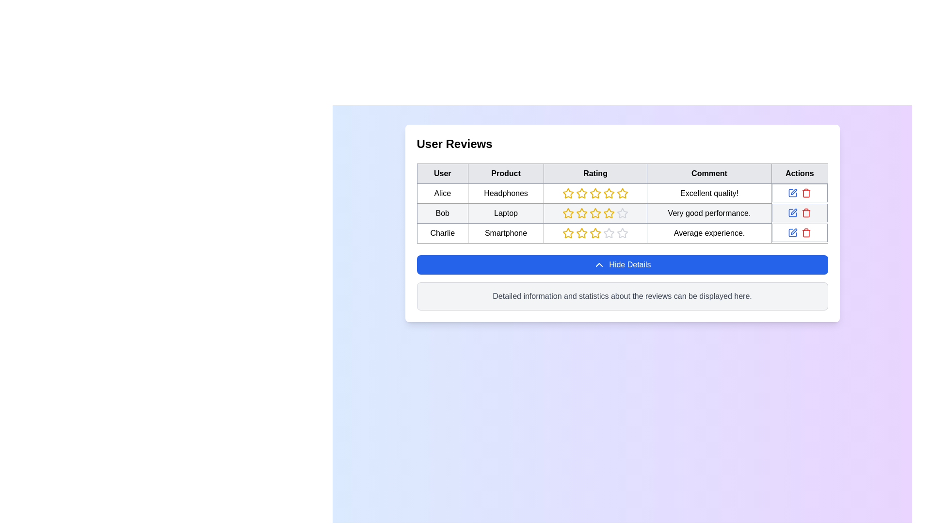  I want to click on the third star icon, which is yellow and represents a rating for the 'Charlie' entry in the 'User Reviews' table, so click(582, 233).